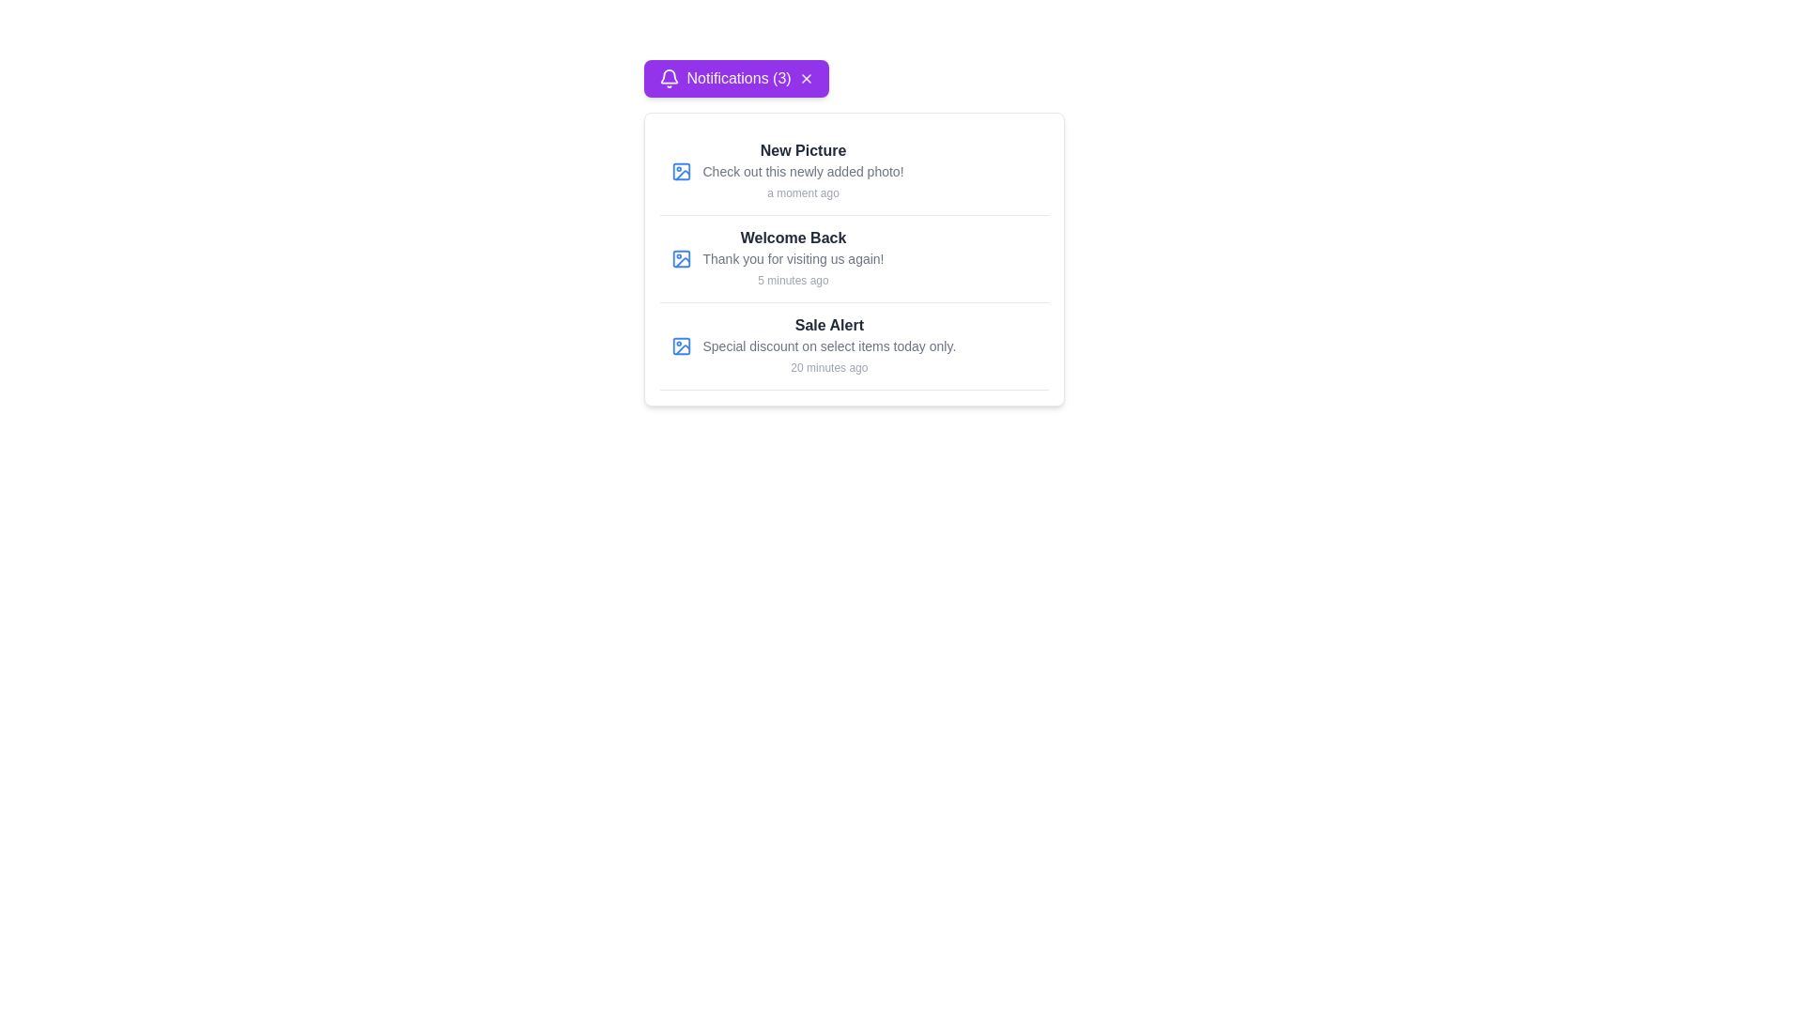  Describe the element at coordinates (680, 171) in the screenshot. I see `the background layer of the notification icon, which is a rectangular shape with rounded edges located to the left of the 'New Picture' notification title in the dropdown window` at that location.